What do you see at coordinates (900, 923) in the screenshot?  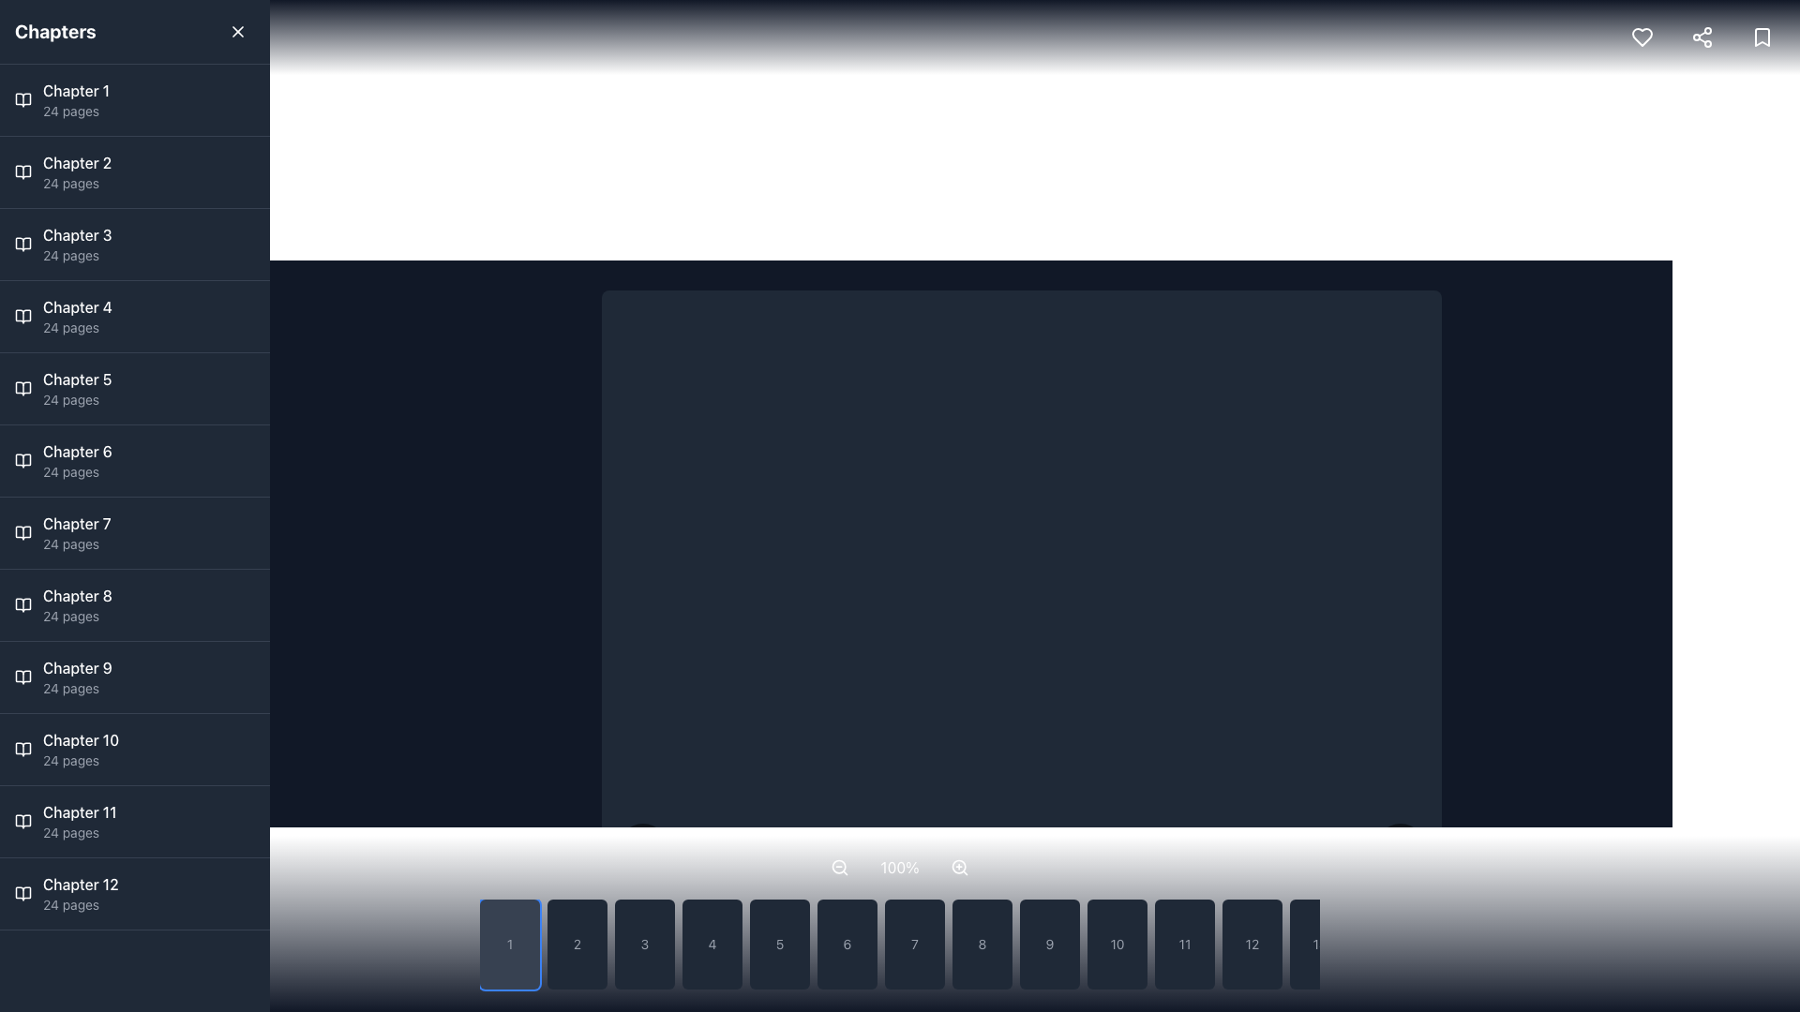 I see `the Number selection card displaying '7', which is the seventh card in a horizontal series` at bounding box center [900, 923].